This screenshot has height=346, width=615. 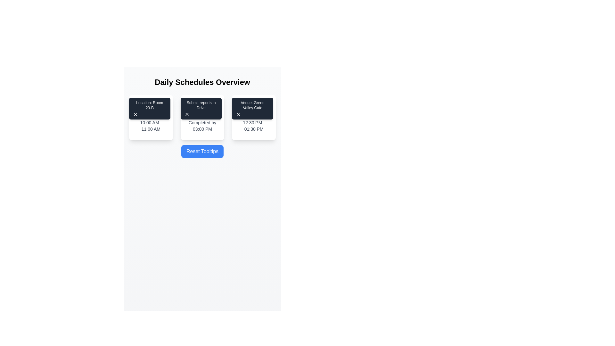 What do you see at coordinates (202, 126) in the screenshot?
I see `text label displaying 'Completed by 03:00 PM', which is styled in small gray font and located below the 'Submit reports in Drive' title in the central card of the displayed interface` at bounding box center [202, 126].